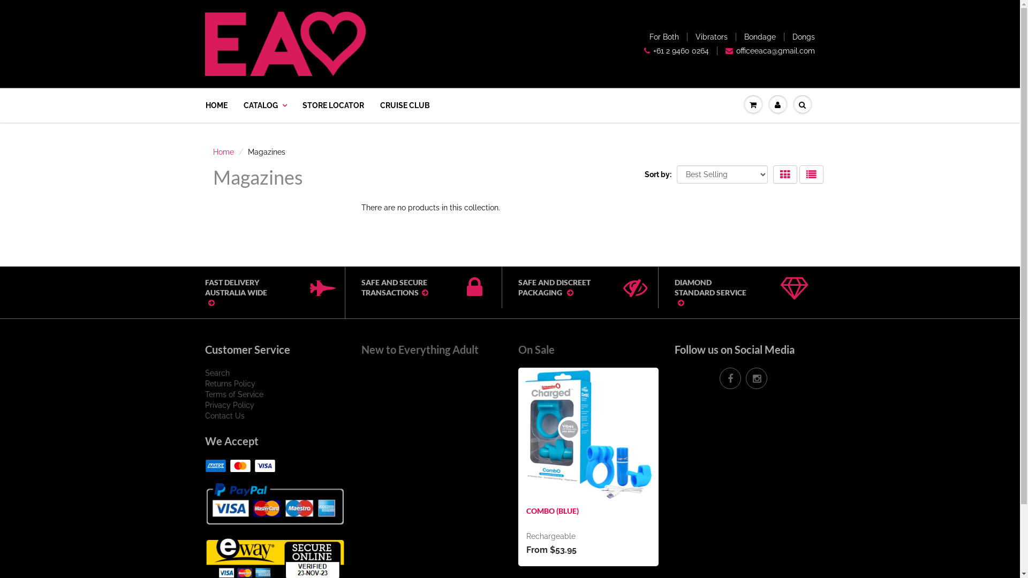  What do you see at coordinates (804, 36) in the screenshot?
I see `'Dongs'` at bounding box center [804, 36].